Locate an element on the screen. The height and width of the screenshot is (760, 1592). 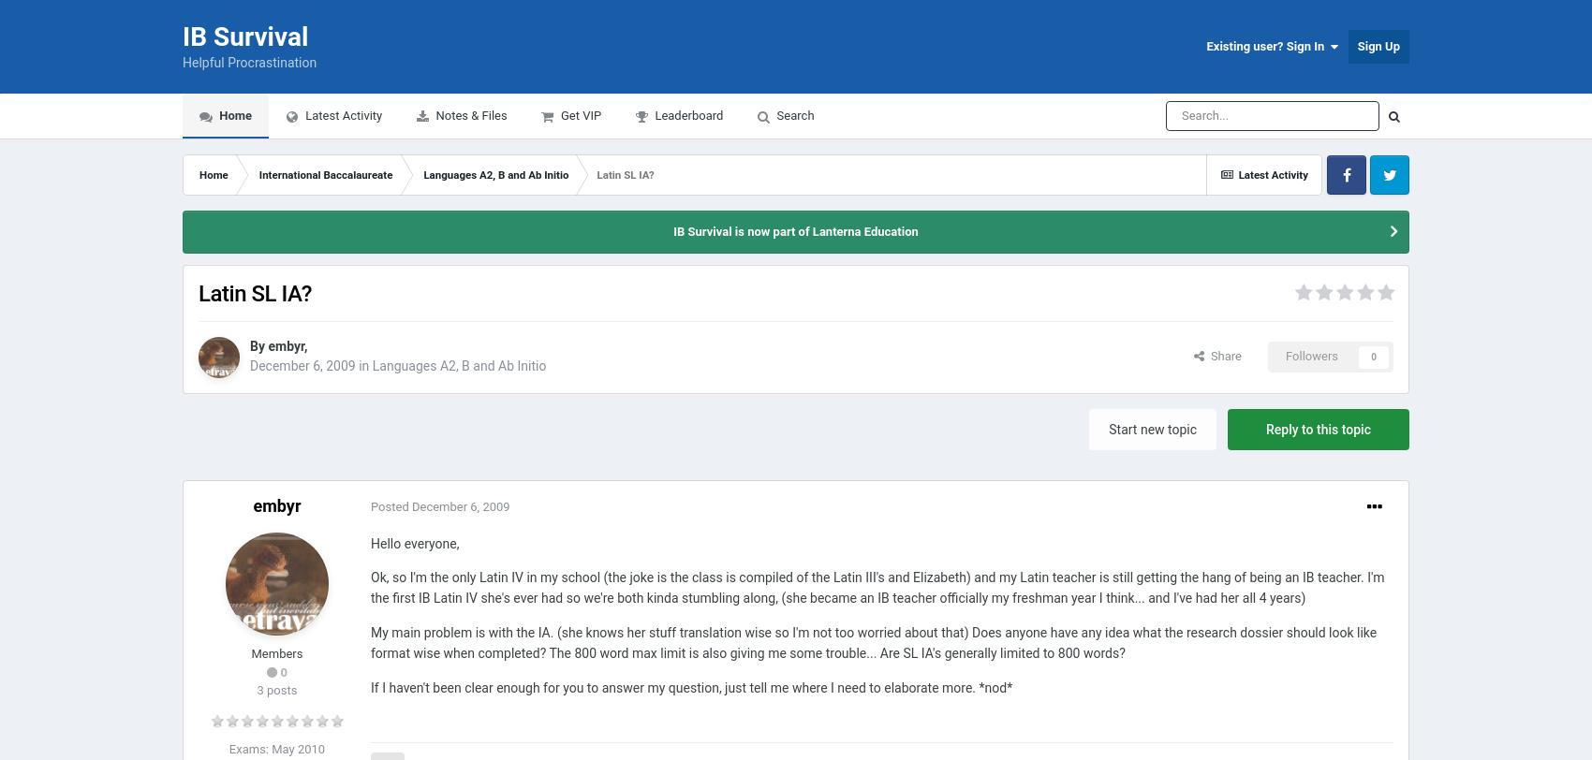
'By' is located at coordinates (258, 344).